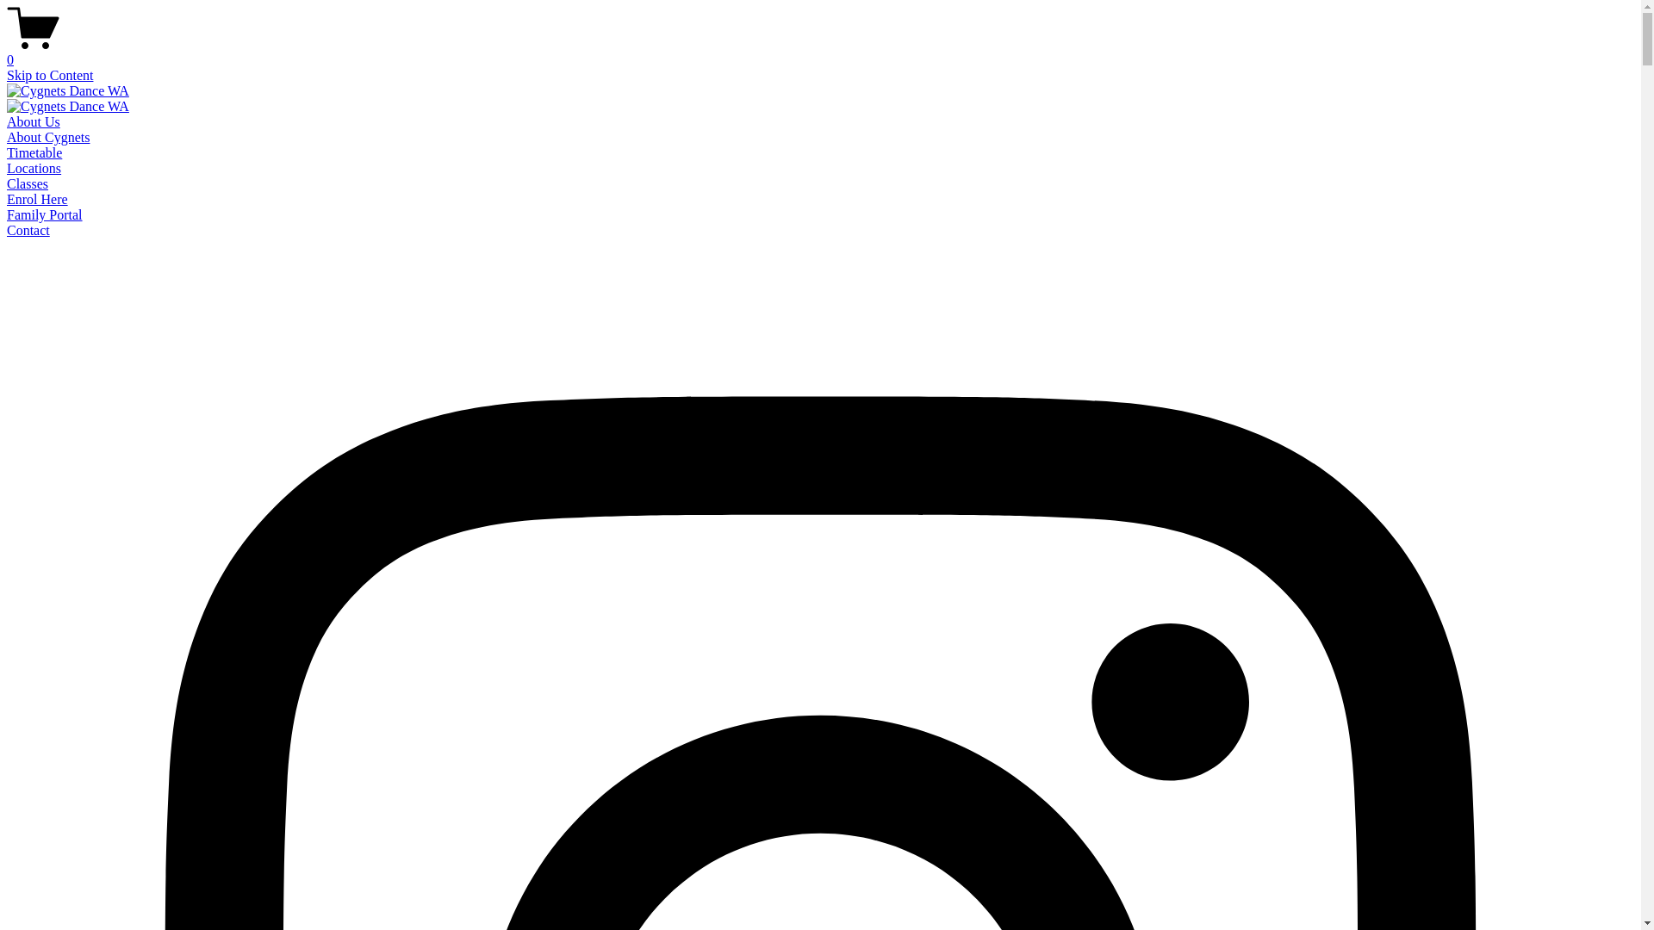  Describe the element at coordinates (48, 136) in the screenshot. I see `'About Cygnets'` at that location.